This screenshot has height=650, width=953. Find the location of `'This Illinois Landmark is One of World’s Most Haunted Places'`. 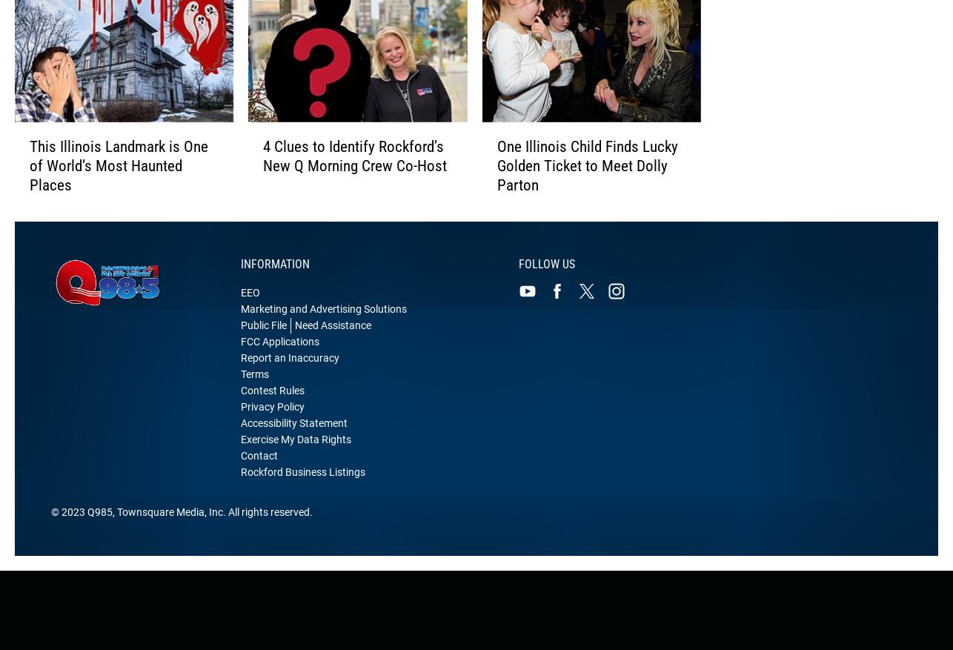

'This Illinois Landmark is One of World’s Most Haunted Places' is located at coordinates (119, 182).